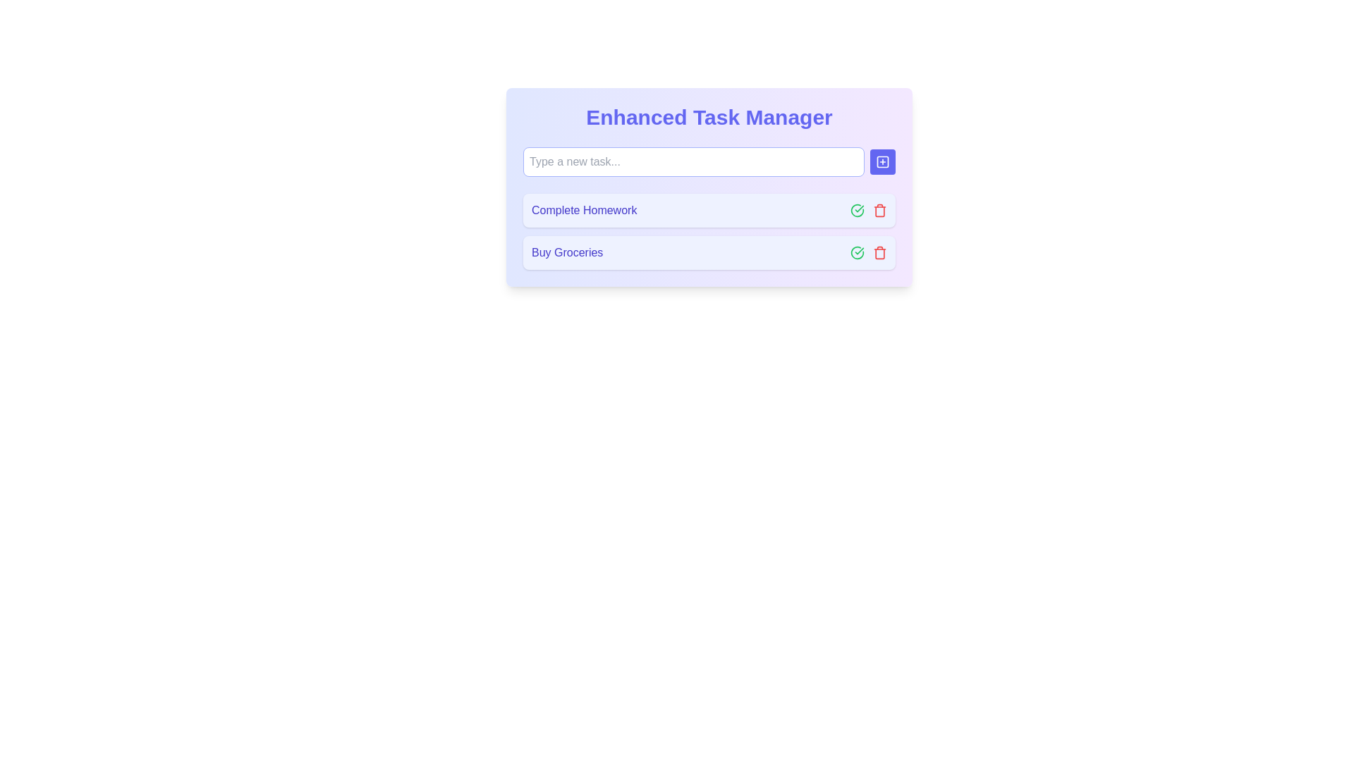 This screenshot has height=761, width=1354. What do you see at coordinates (879, 211) in the screenshot?
I see `the delete icon for the task 'Buy Groceries'` at bounding box center [879, 211].